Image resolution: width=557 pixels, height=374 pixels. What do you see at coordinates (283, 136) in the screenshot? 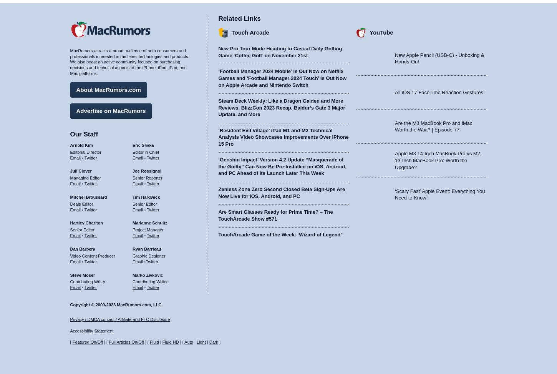
I see `'‘Resident Evil Village’ iPad M1 and M2 Technical Analysis Video Showcases Improvements Over iPhone 15 Pro'` at bounding box center [283, 136].